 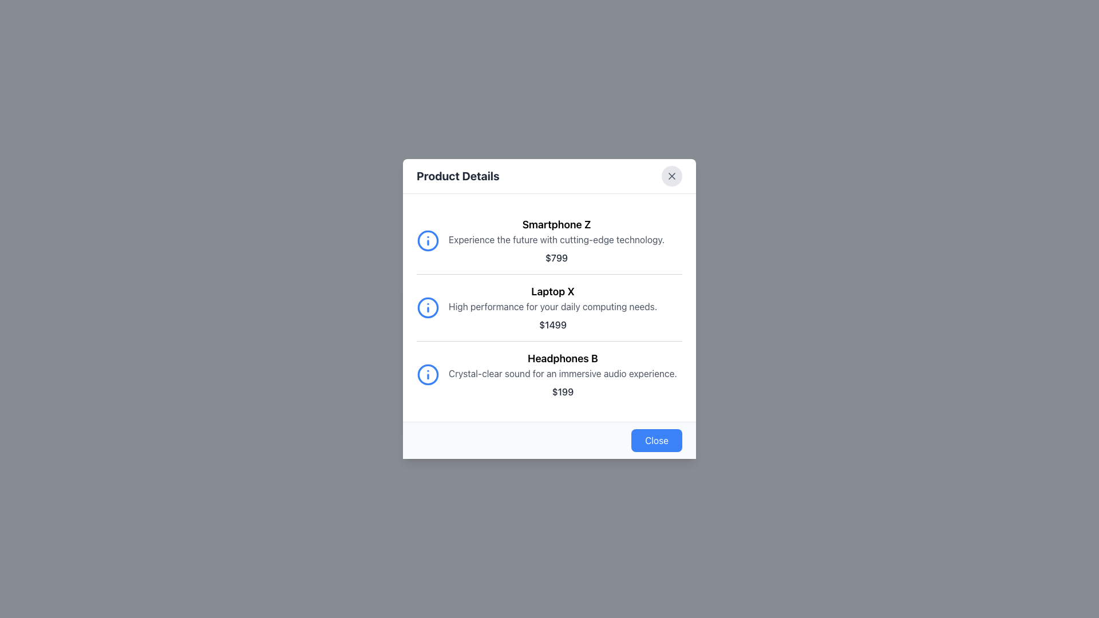 I want to click on text from the bold label displaying 'Product Details' located at the top-left corner of the white content box, so click(x=458, y=176).